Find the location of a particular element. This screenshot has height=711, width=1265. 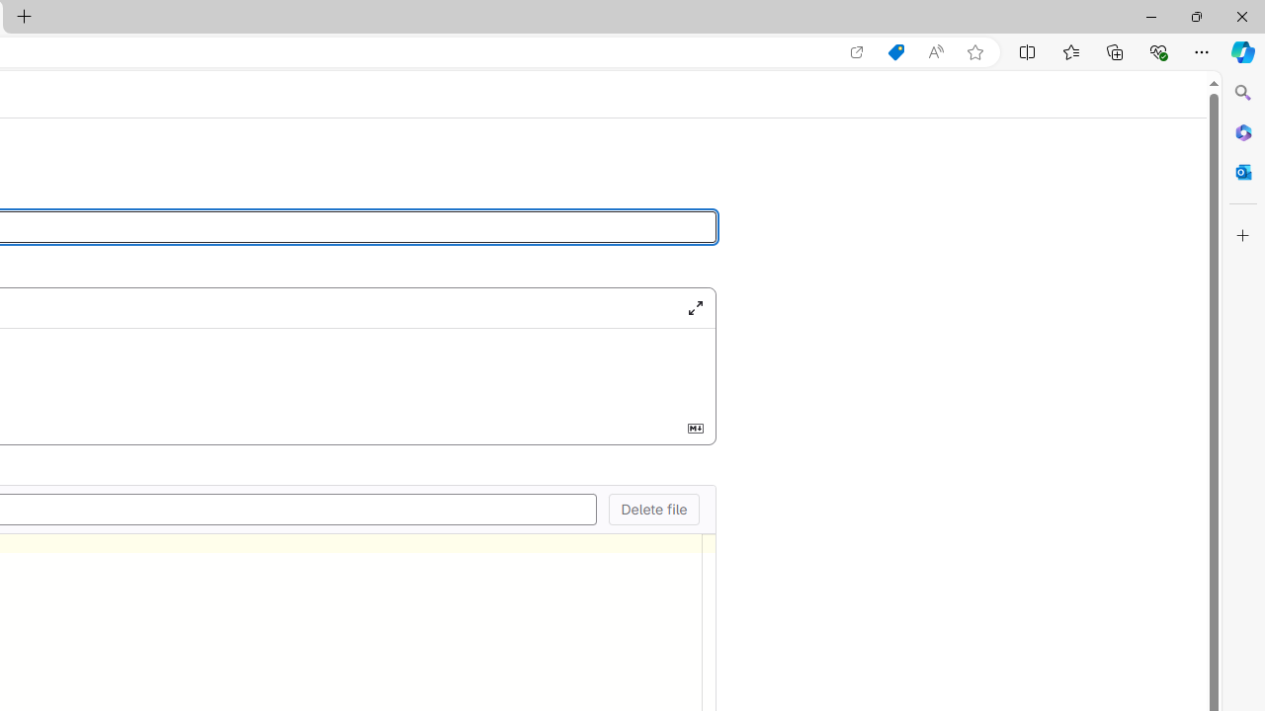

'Close Outlook pane' is located at coordinates (1242, 171).